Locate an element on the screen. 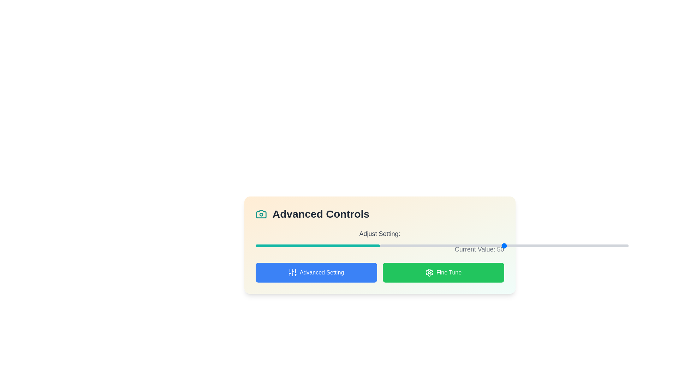 This screenshot has height=381, width=678. the slider is located at coordinates (306, 244).